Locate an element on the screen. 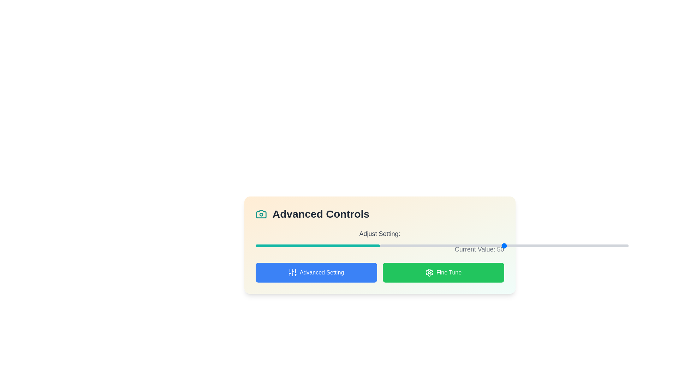 This screenshot has height=381, width=678. the slider is located at coordinates (306, 244).